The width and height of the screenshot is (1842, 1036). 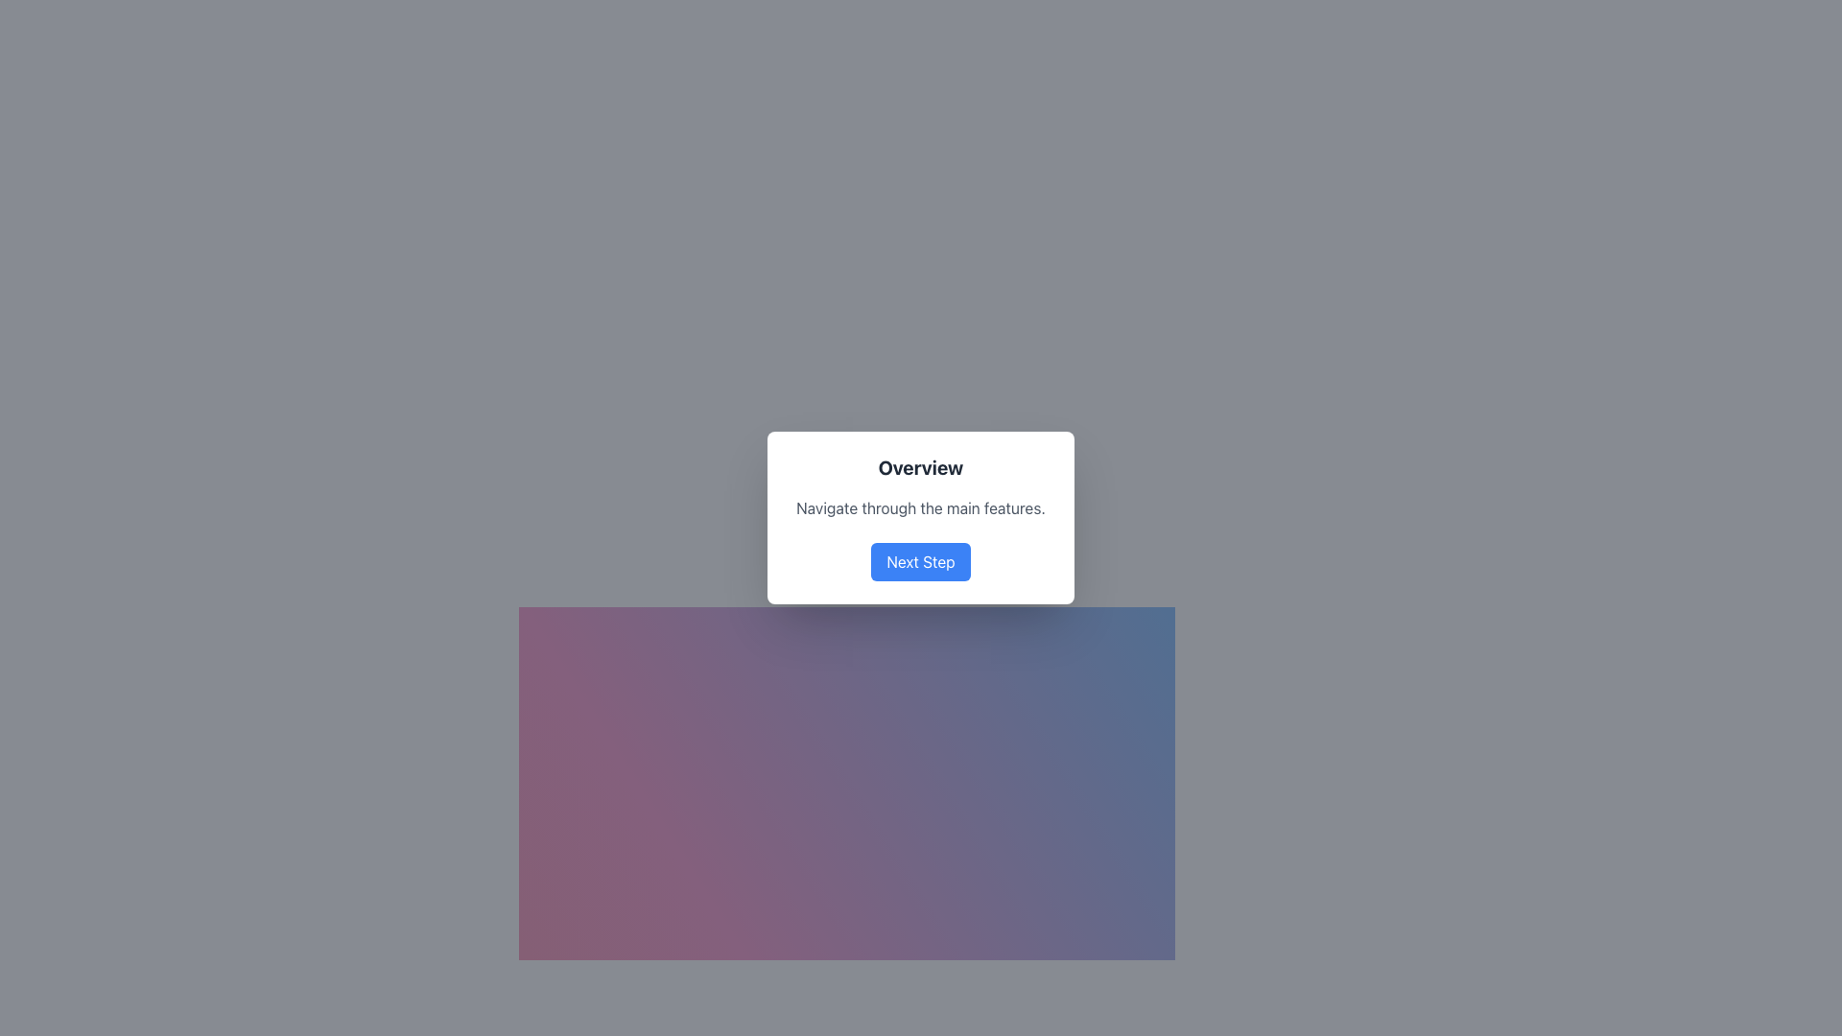 What do you see at coordinates (921, 561) in the screenshot?
I see `the 'Next Step' button, which is a rectangular button with a blue background and white text, to proceed to the next step` at bounding box center [921, 561].